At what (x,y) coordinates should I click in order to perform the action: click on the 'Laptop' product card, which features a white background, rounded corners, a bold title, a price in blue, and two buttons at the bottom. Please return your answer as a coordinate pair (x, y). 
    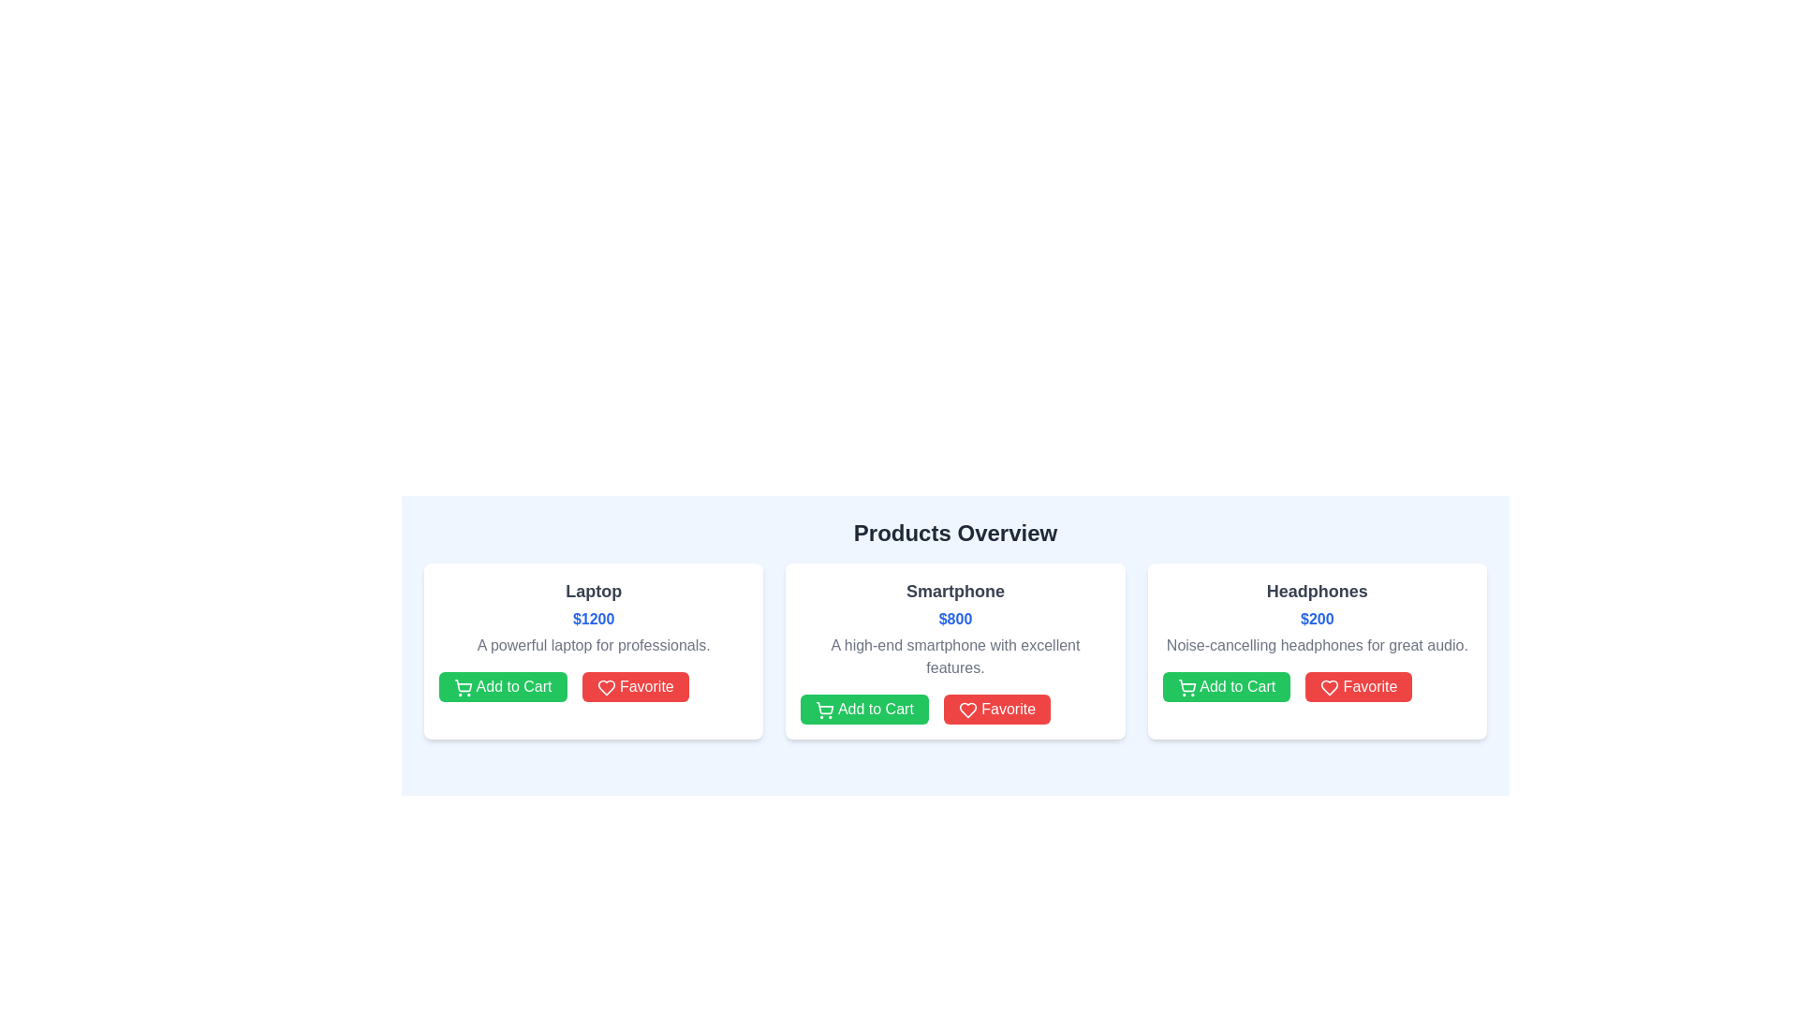
    Looking at the image, I should click on (593, 650).